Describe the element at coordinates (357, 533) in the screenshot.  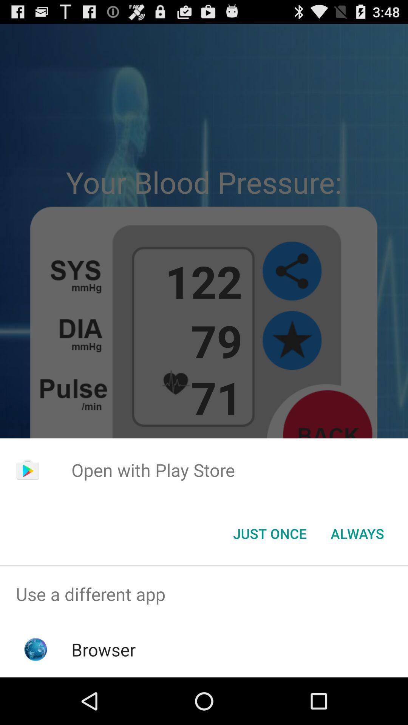
I see `the always` at that location.